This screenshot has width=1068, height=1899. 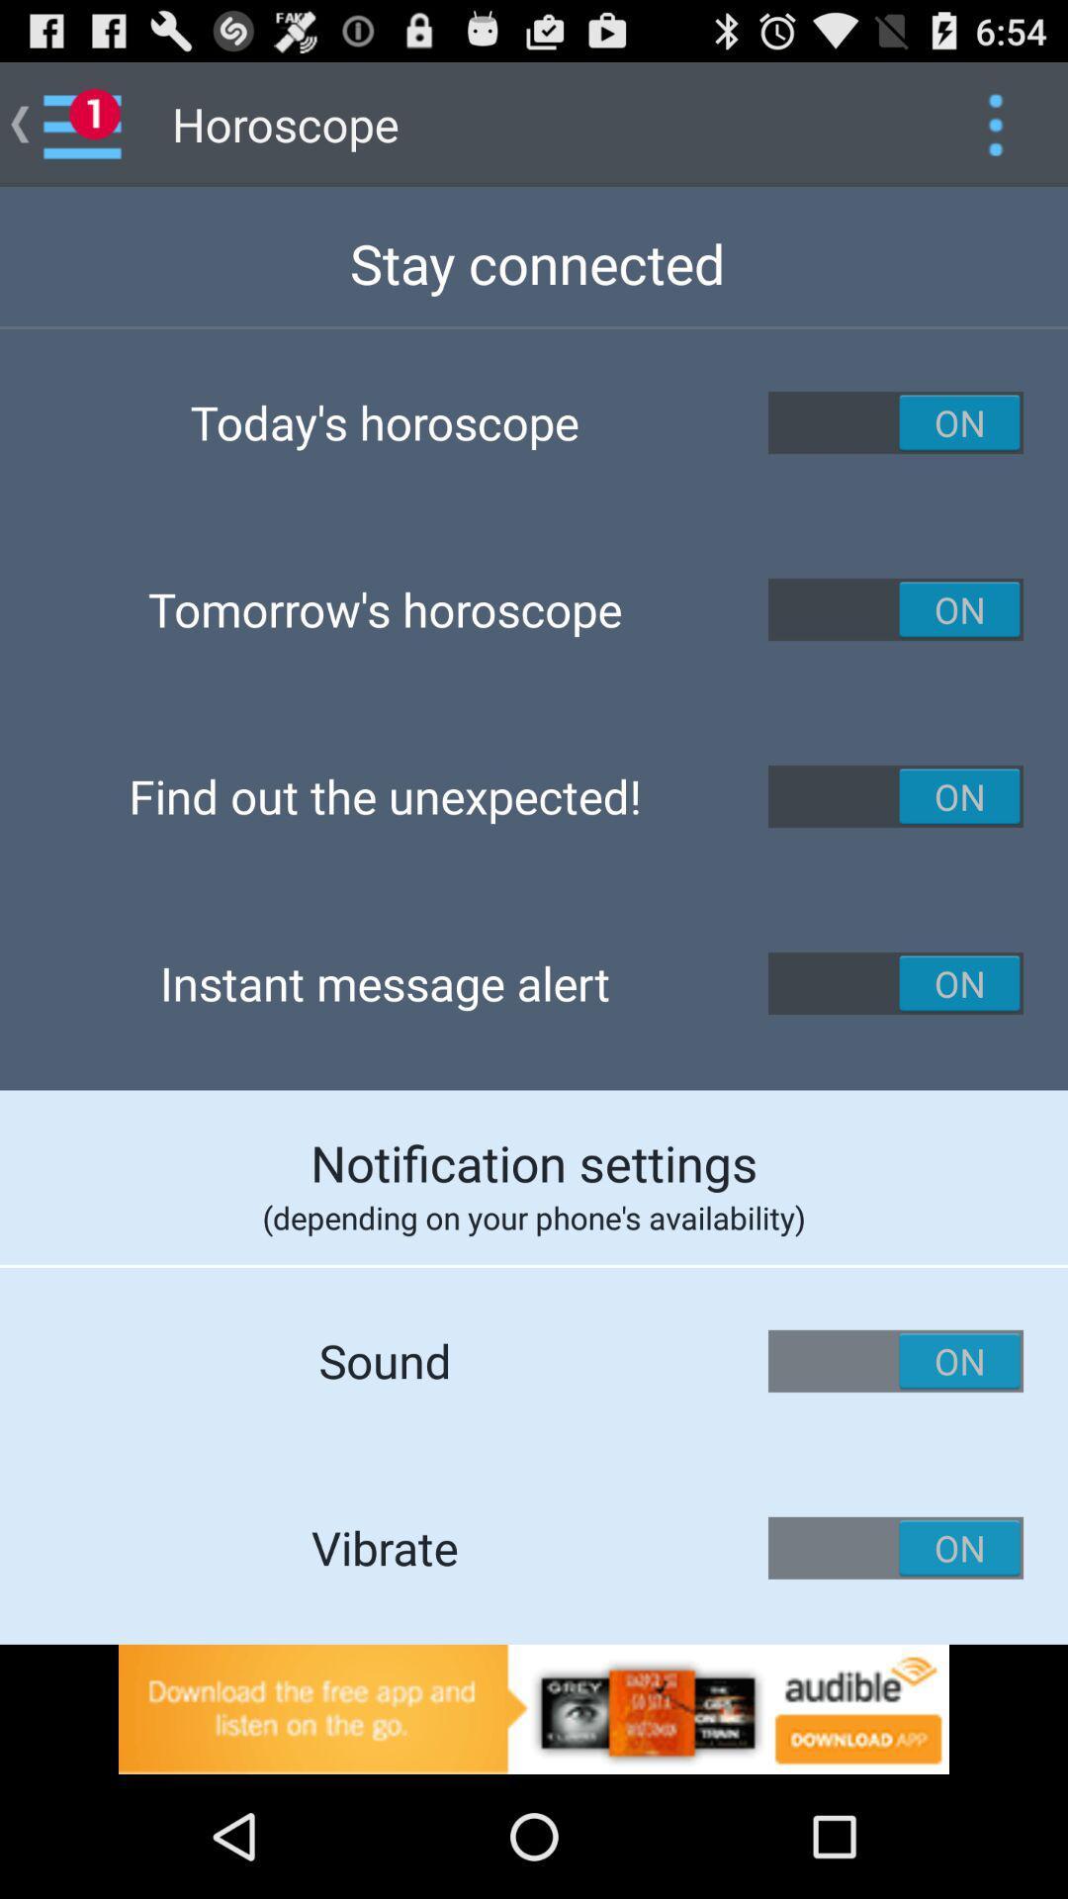 What do you see at coordinates (896, 608) in the screenshot?
I see `switch button` at bounding box center [896, 608].